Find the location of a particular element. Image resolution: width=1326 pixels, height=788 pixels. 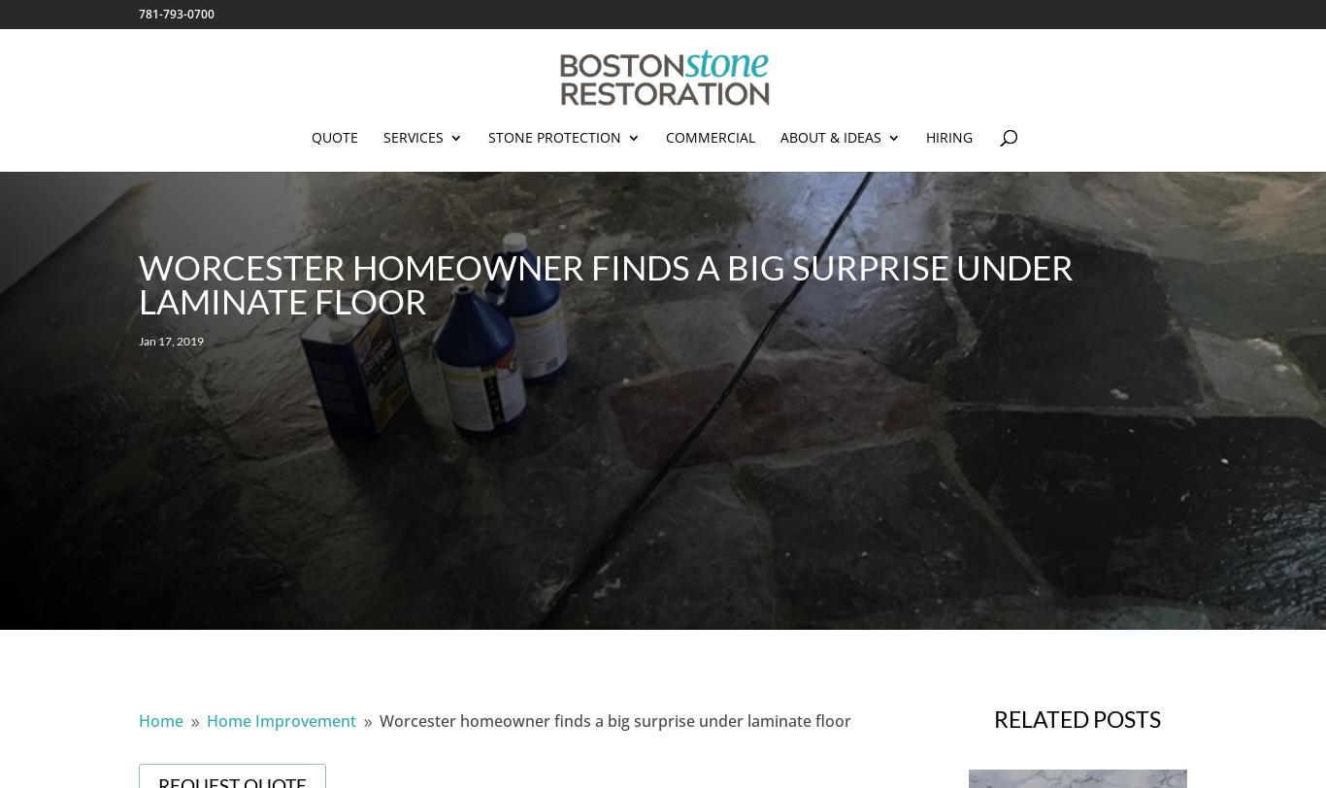

'Quote' is located at coordinates (332, 137).